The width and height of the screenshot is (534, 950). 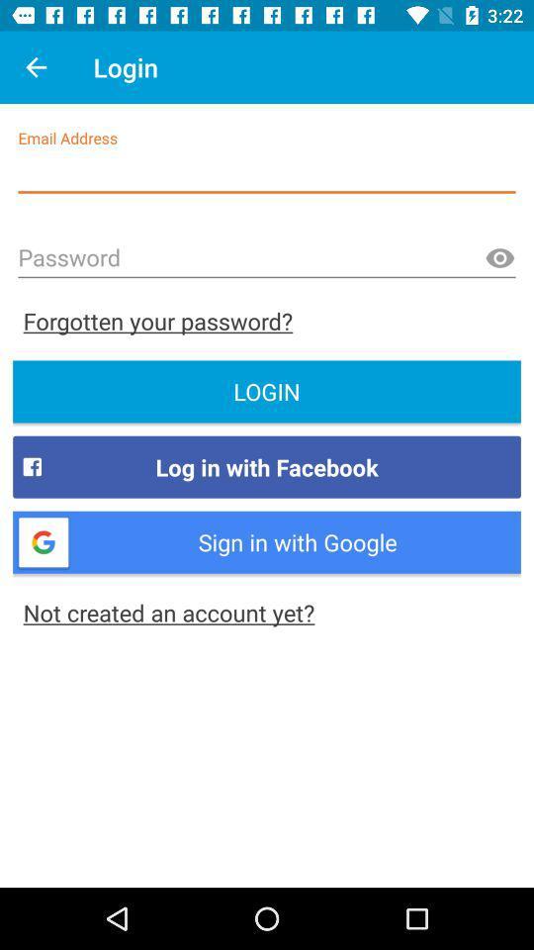 What do you see at coordinates (267, 257) in the screenshot?
I see `password` at bounding box center [267, 257].